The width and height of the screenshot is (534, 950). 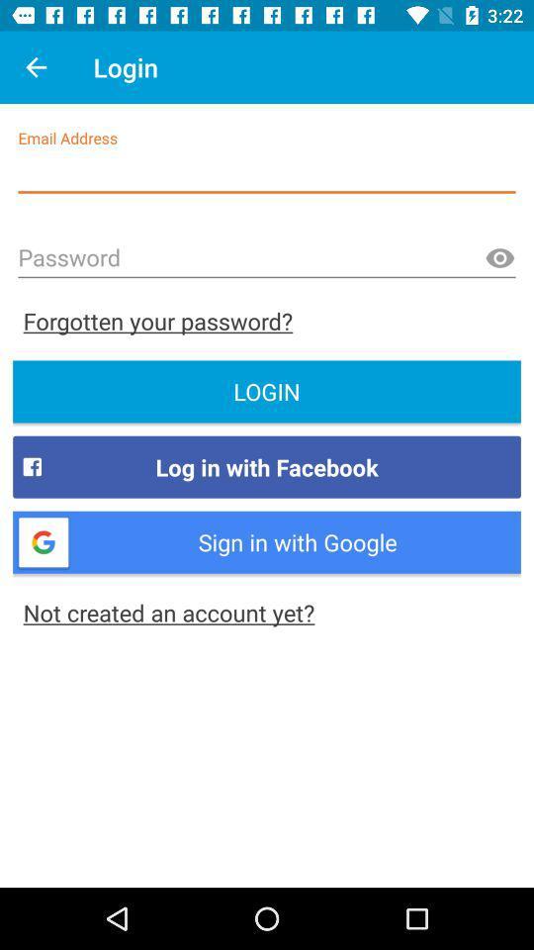 What do you see at coordinates (267, 257) in the screenshot?
I see `password` at bounding box center [267, 257].